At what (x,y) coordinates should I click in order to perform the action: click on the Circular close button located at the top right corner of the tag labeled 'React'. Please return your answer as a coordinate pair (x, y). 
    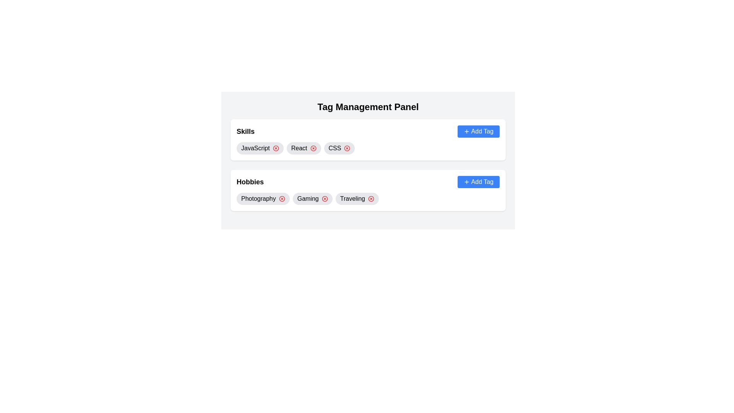
    Looking at the image, I should click on (313, 148).